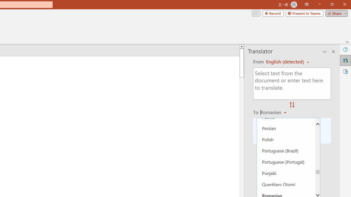 The image size is (351, 197). Describe the element at coordinates (286, 128) in the screenshot. I see `'Persian'` at that location.